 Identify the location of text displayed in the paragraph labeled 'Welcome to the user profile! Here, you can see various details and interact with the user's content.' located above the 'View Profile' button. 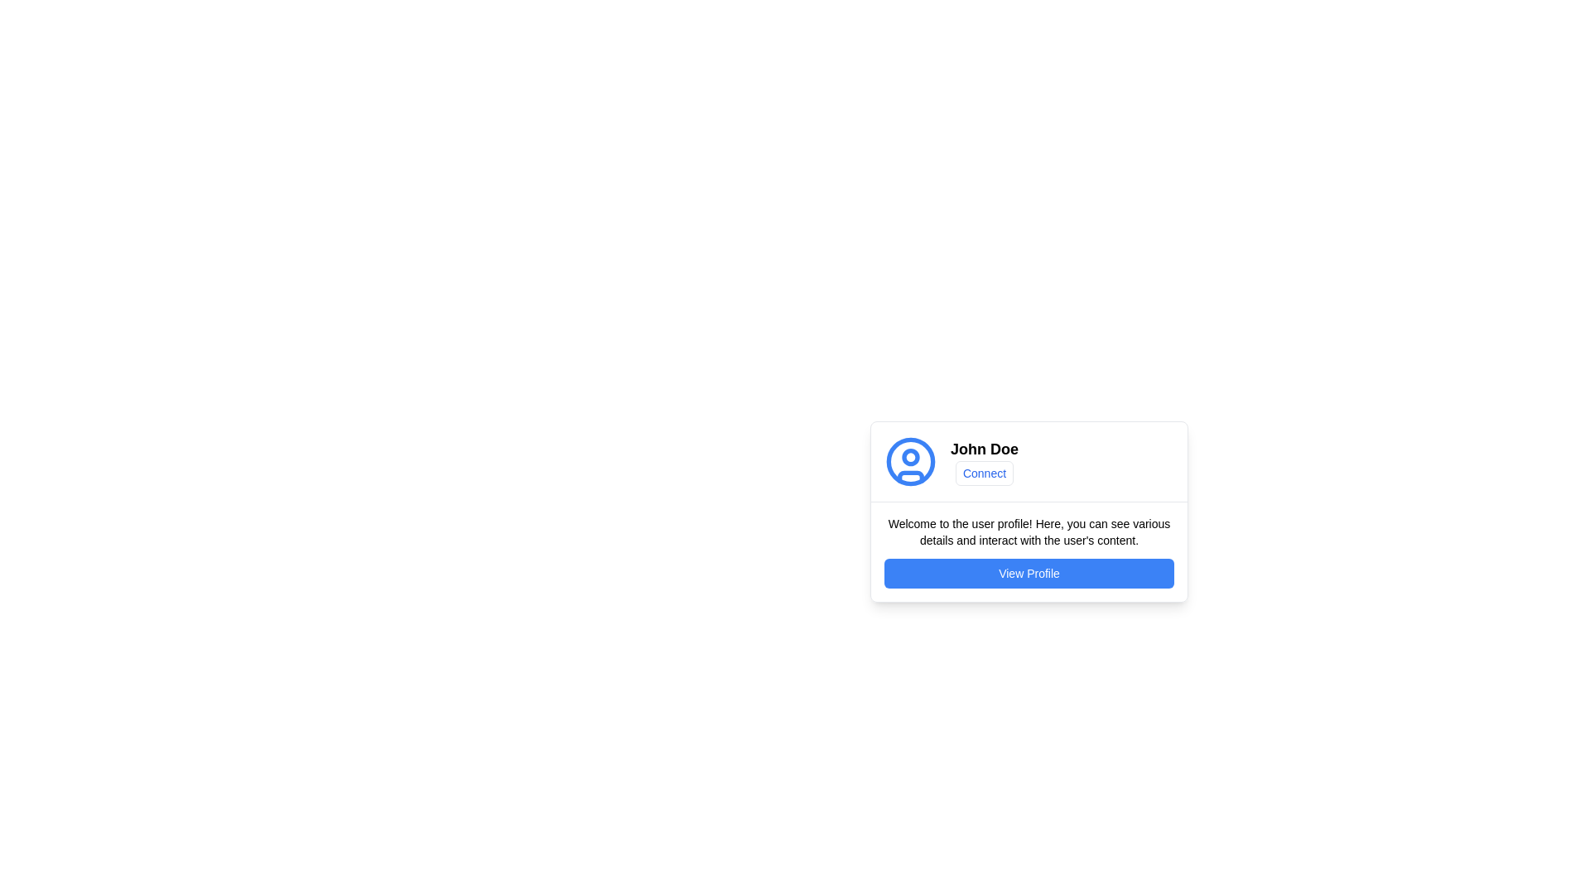
(1029, 532).